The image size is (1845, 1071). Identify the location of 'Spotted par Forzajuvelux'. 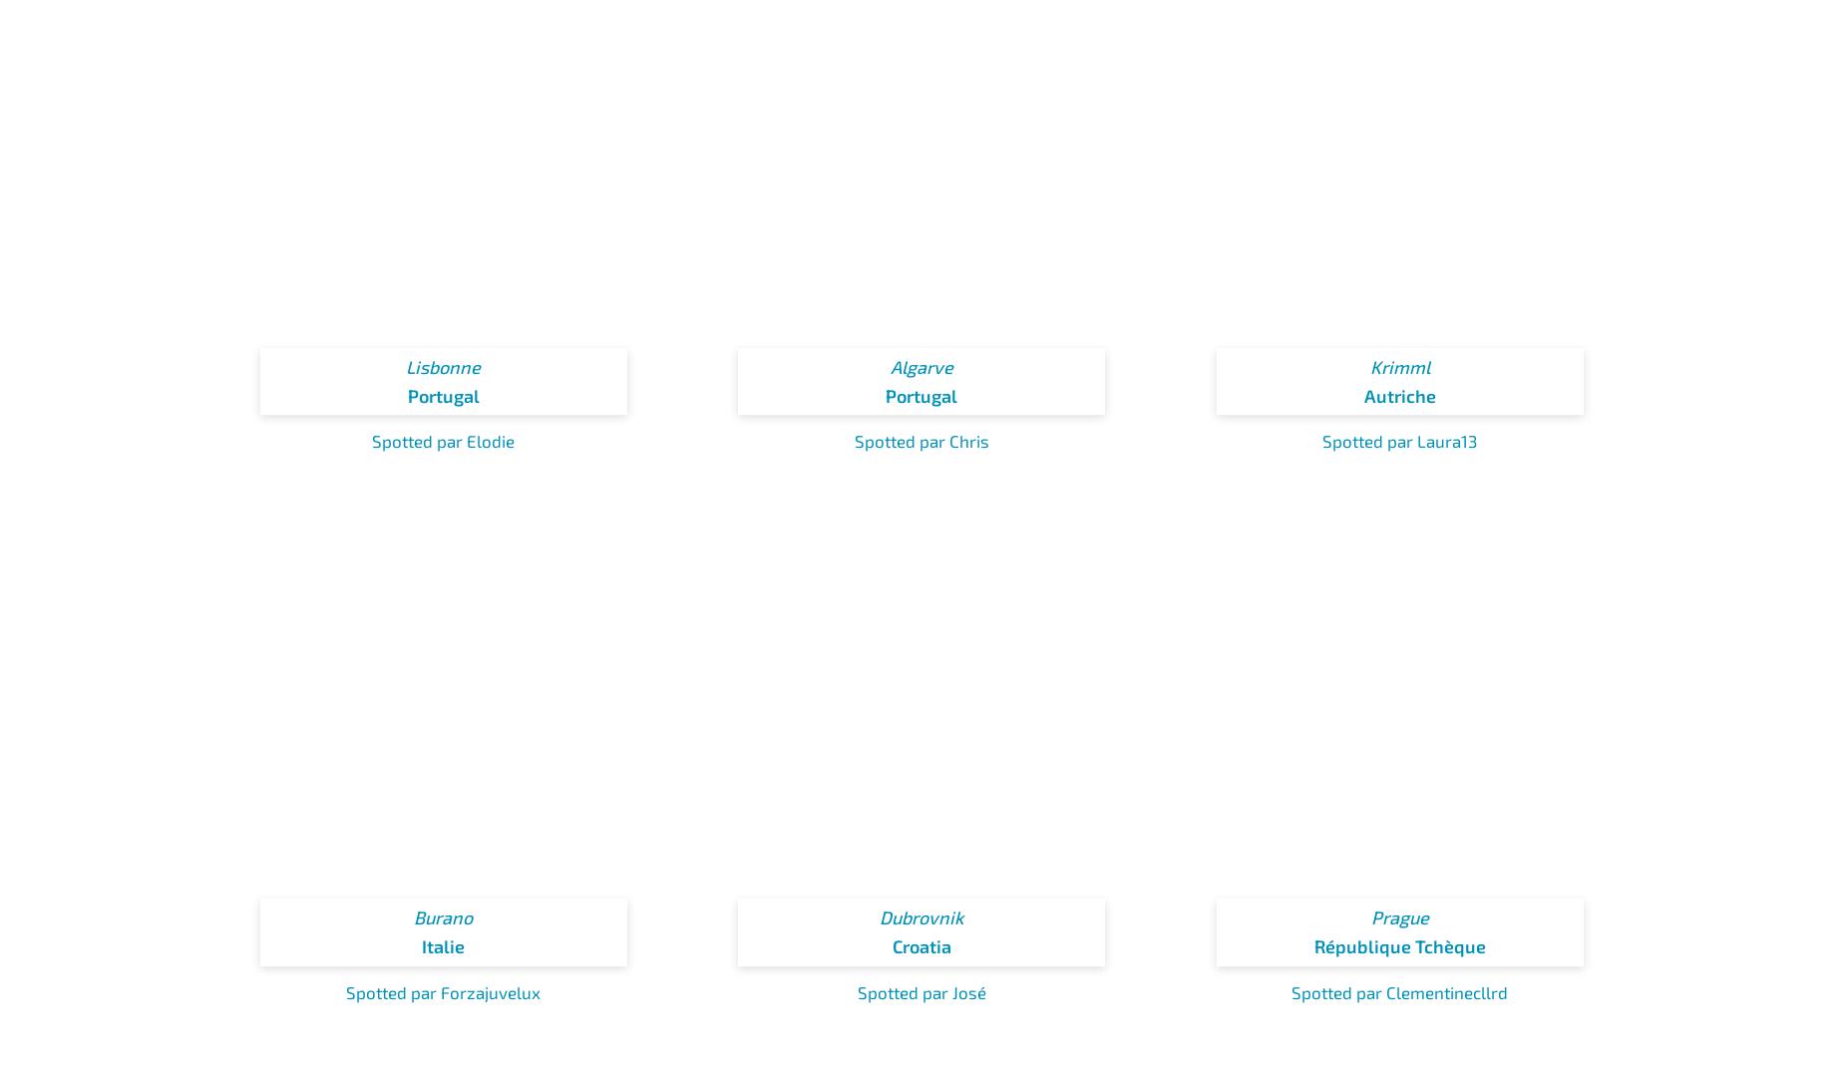
(442, 989).